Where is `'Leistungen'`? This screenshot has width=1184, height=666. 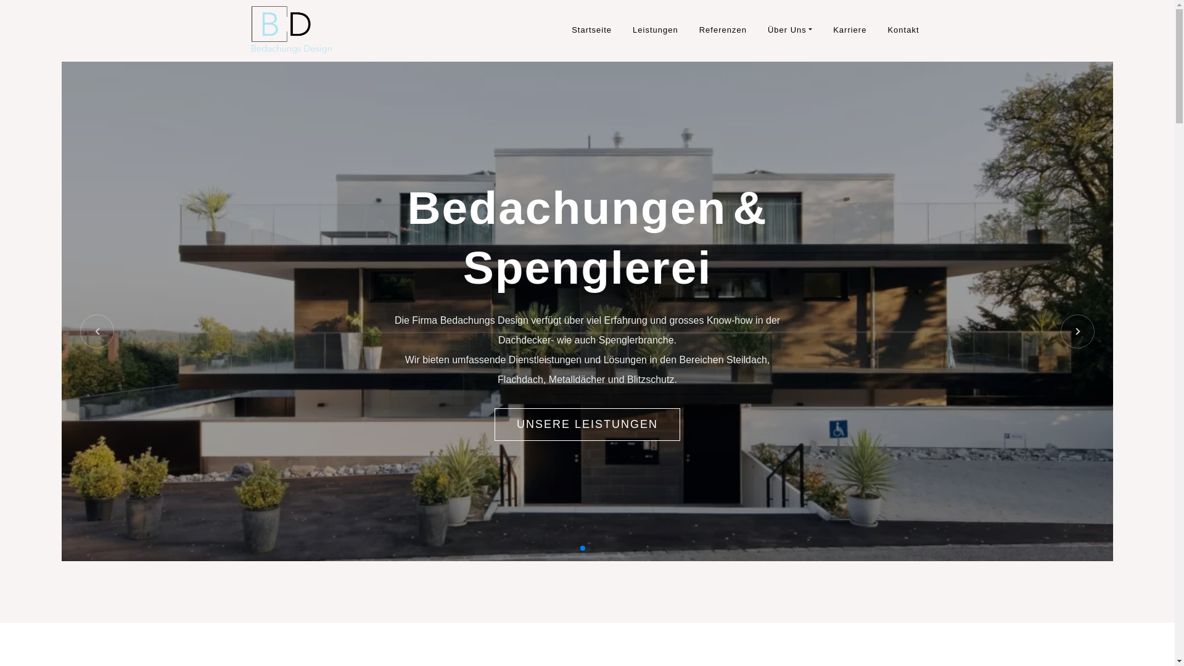 'Leistungen' is located at coordinates (654, 30).